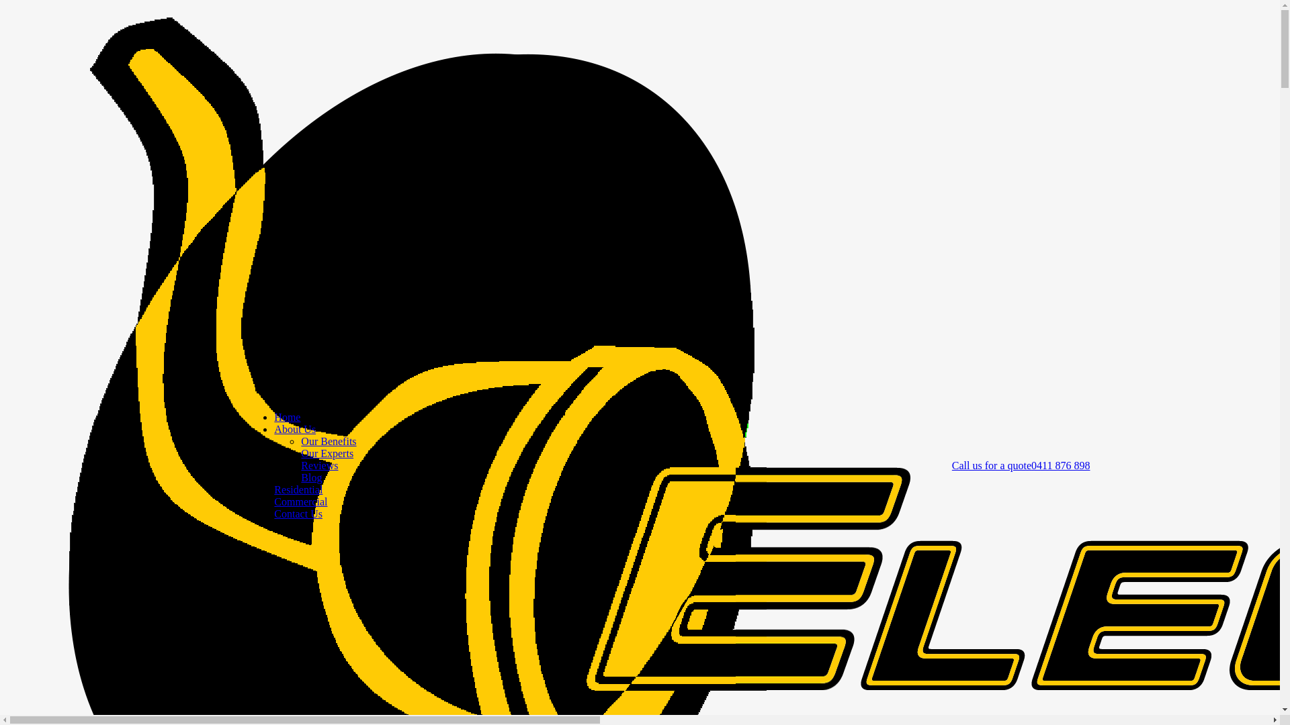  Describe the element at coordinates (294, 429) in the screenshot. I see `'About Us'` at that location.